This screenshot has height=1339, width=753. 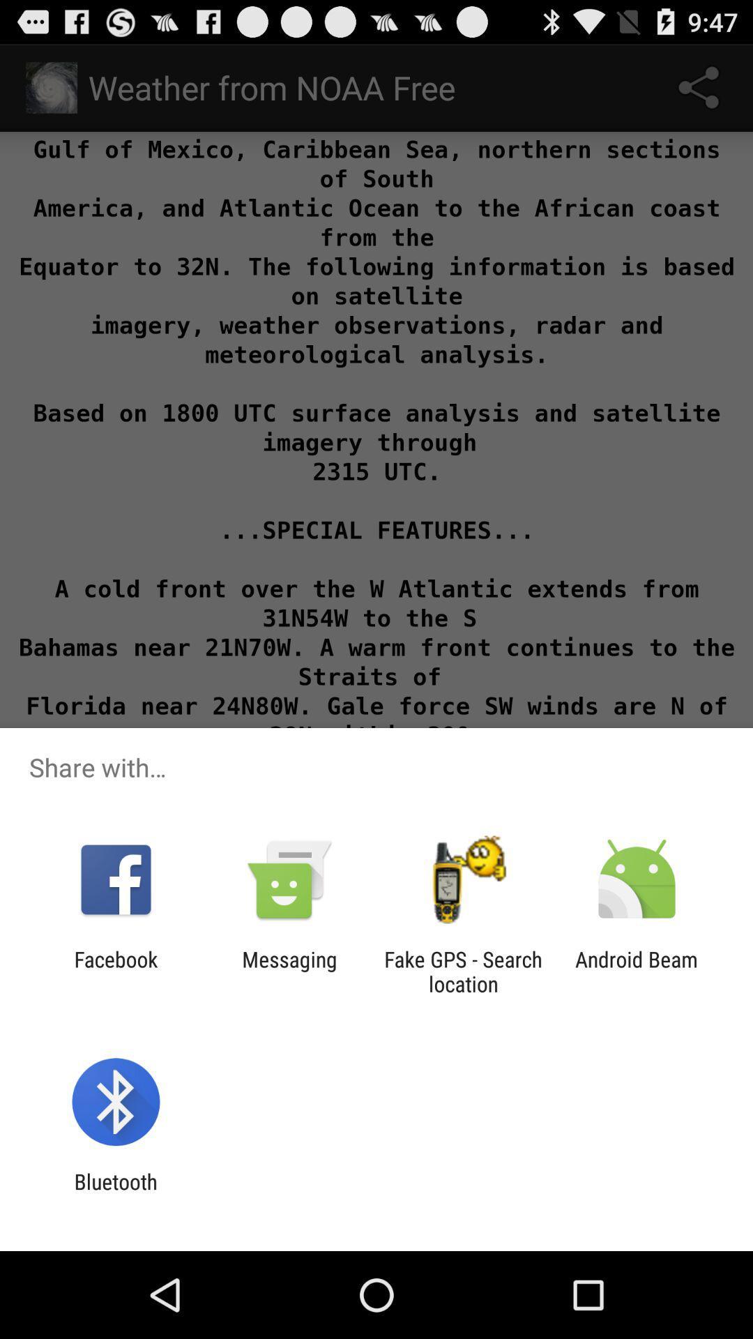 What do you see at coordinates (115, 971) in the screenshot?
I see `the icon next to the messaging` at bounding box center [115, 971].